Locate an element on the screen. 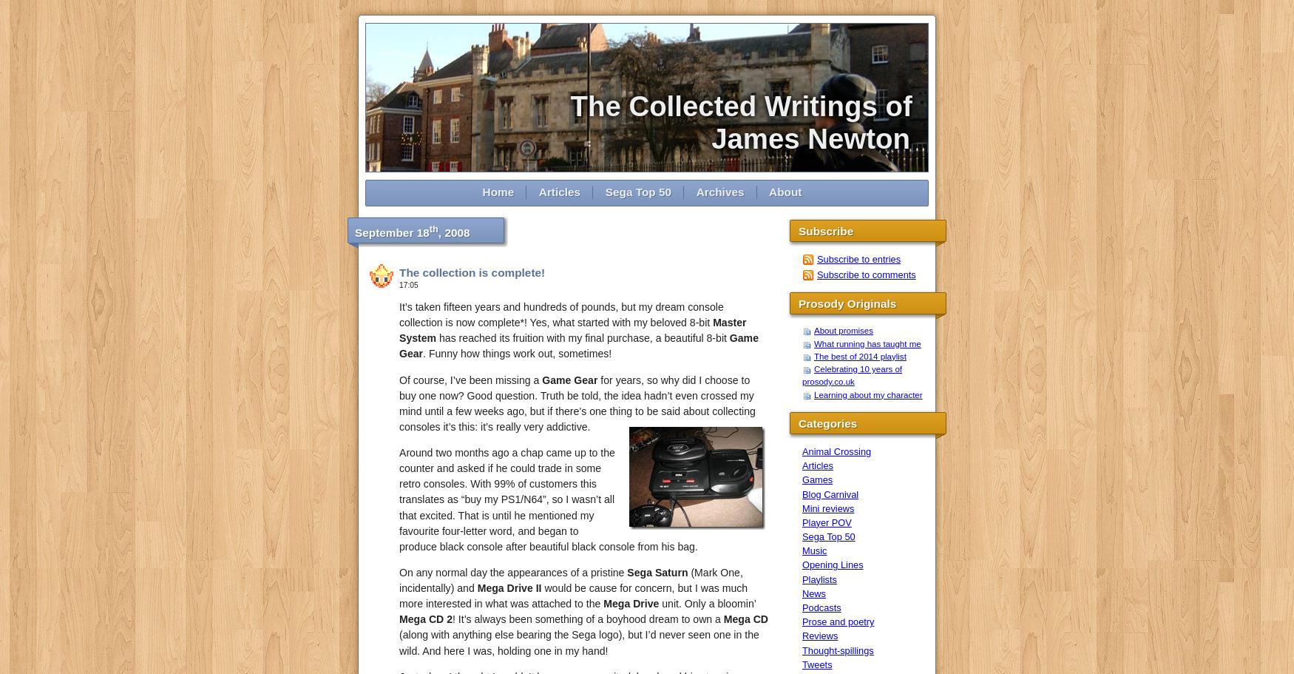  'Mini reviews' is located at coordinates (828, 507).